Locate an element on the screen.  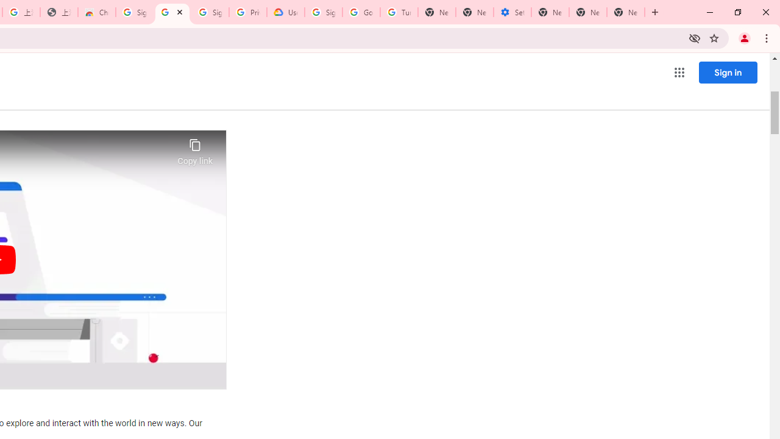
'Sign in - Google Accounts' is located at coordinates (134, 12).